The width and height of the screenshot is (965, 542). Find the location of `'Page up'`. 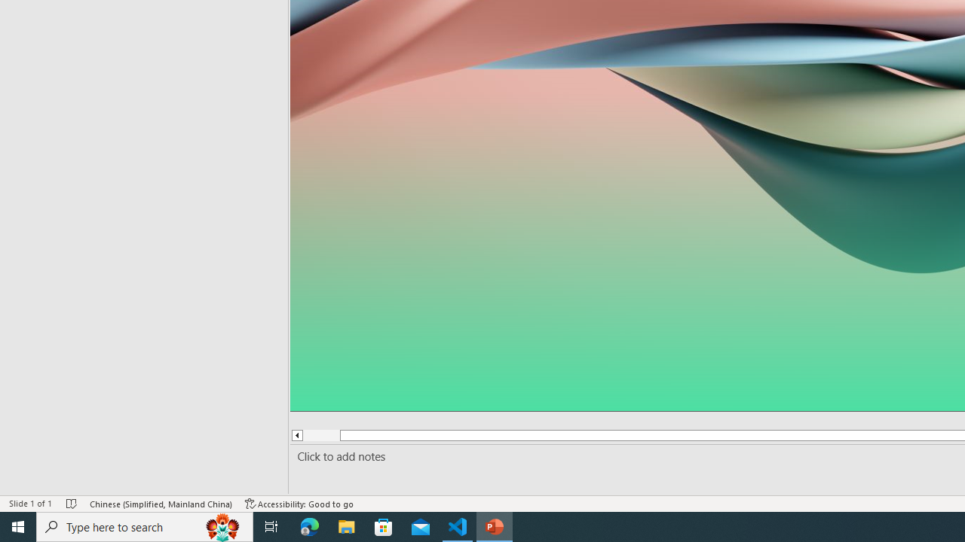

'Page up' is located at coordinates (320, 435).